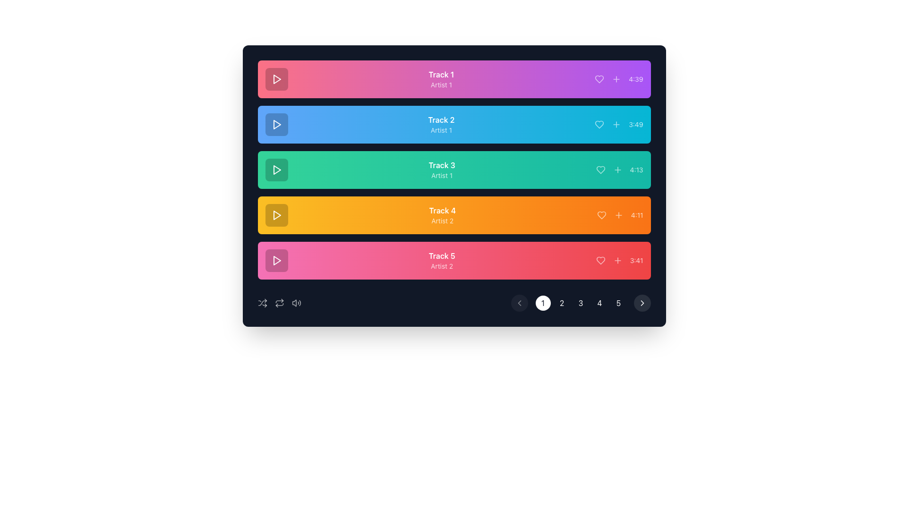 The width and height of the screenshot is (907, 510). Describe the element at coordinates (441, 119) in the screenshot. I see `the main title text label 'Track 2', which identifies the associated track` at that location.